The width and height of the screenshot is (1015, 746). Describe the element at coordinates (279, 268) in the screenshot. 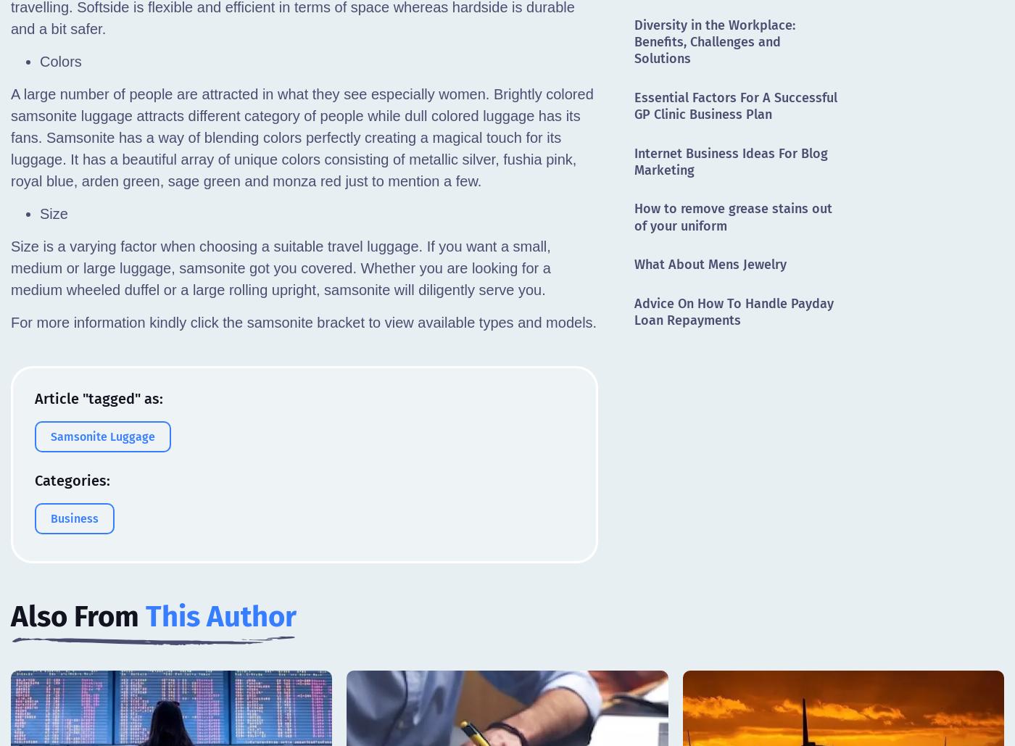

I see `'Size is a varying factor when choosing a suitable travel luggage. If you want a small, medium or large luggage, samsonite got you covered. Whether you are looking for a medium wheeled duffel or a large rolling upright, samsonite will diligently serve you.'` at that location.